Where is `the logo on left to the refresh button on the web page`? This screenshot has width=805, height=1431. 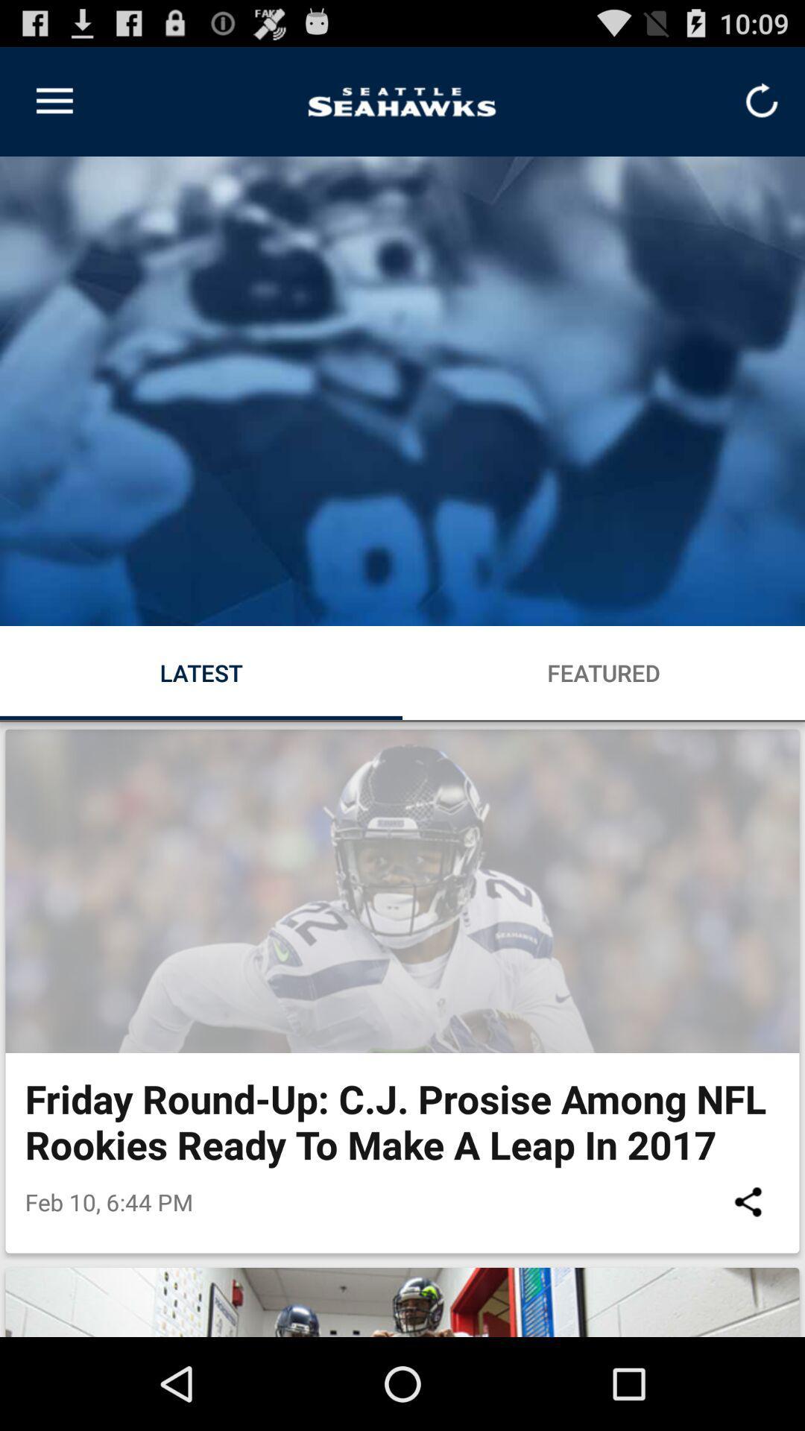 the logo on left to the refresh button on the web page is located at coordinates (402, 101).